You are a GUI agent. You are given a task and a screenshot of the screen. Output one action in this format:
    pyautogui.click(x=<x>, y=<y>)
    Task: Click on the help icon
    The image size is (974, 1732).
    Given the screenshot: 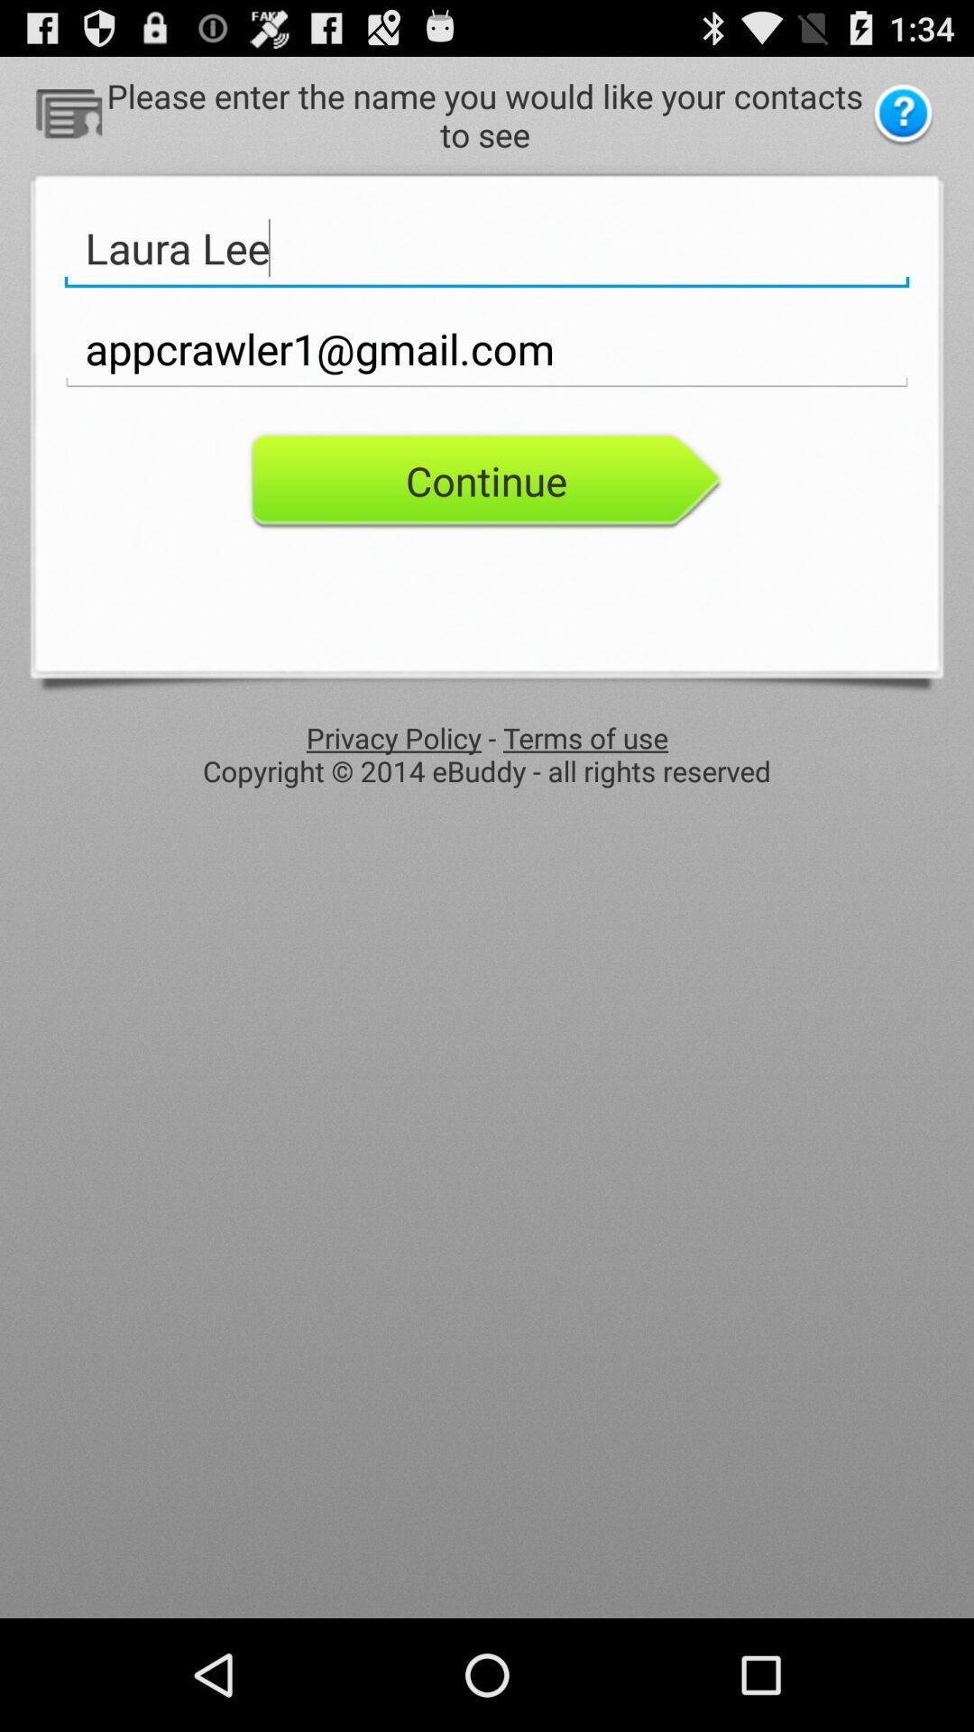 What is the action you would take?
    pyautogui.click(x=903, y=114)
    